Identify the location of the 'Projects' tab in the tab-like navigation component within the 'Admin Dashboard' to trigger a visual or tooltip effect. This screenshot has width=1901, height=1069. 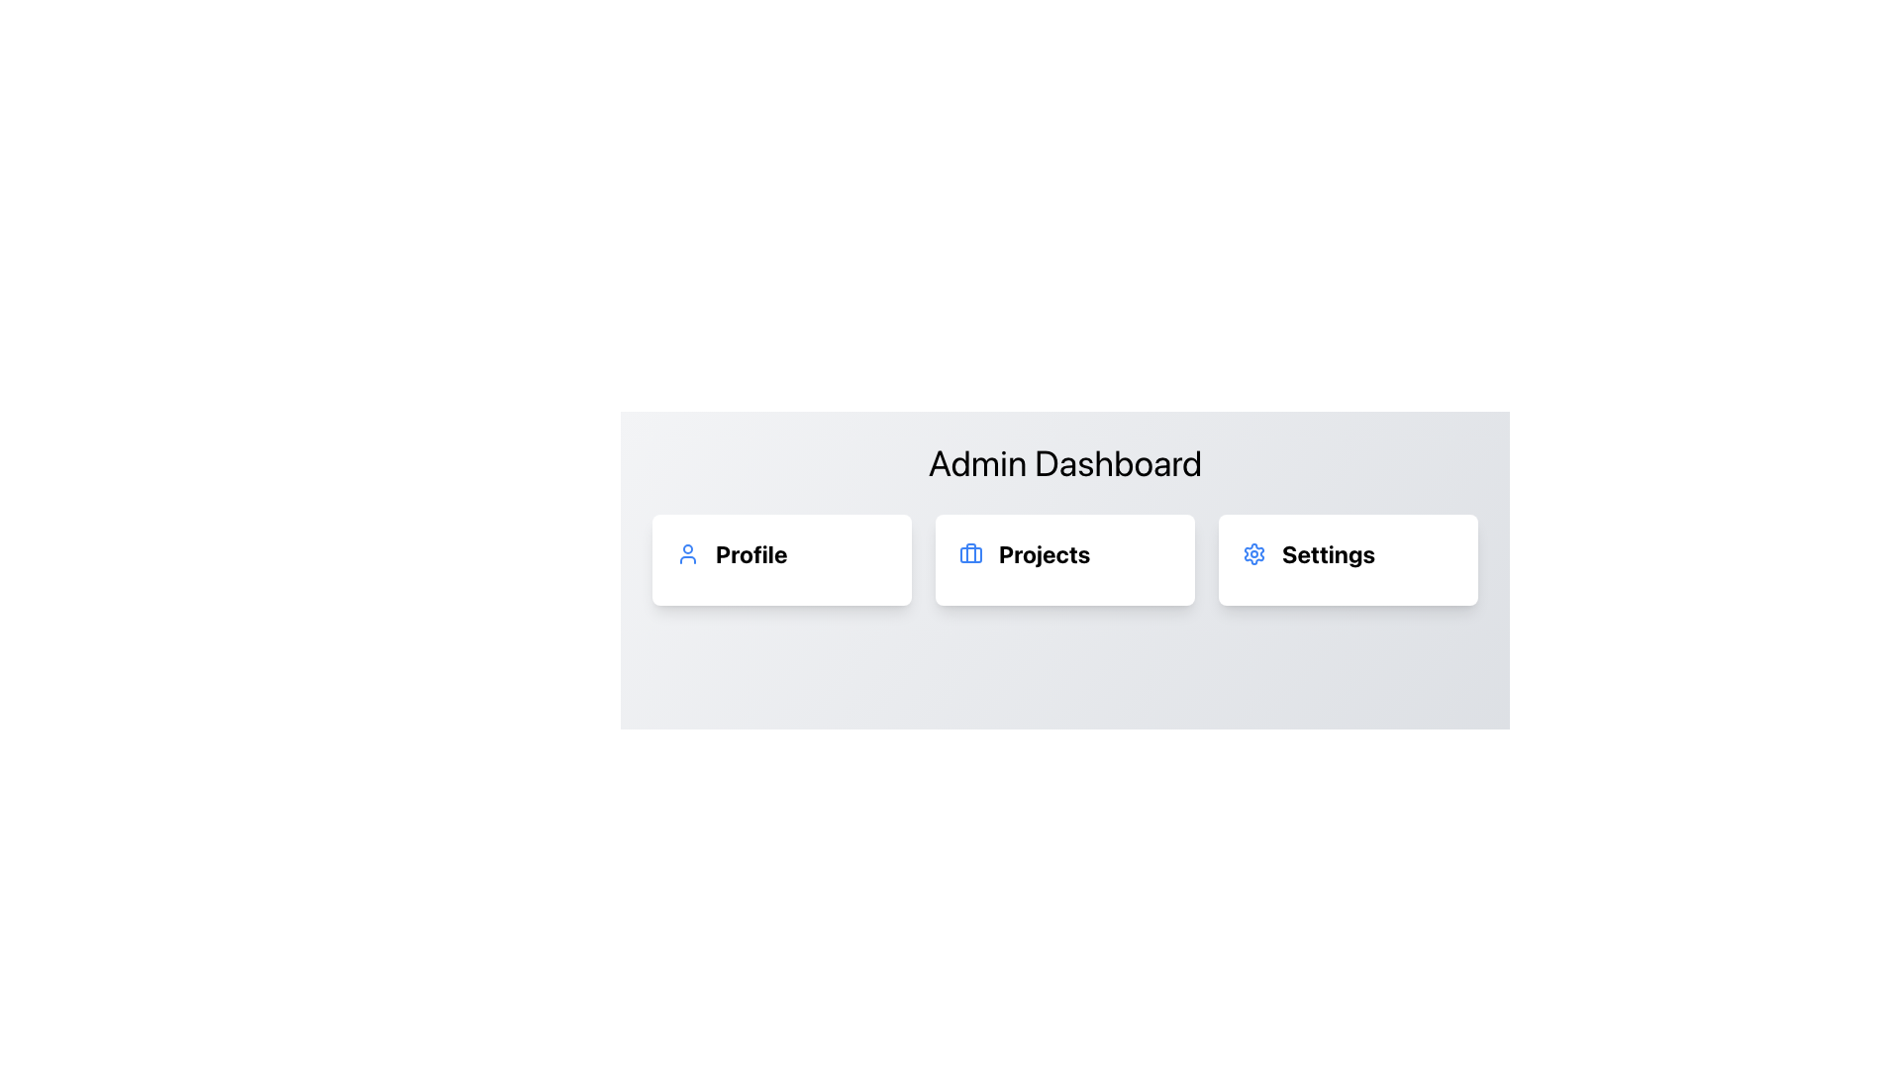
(1063, 560).